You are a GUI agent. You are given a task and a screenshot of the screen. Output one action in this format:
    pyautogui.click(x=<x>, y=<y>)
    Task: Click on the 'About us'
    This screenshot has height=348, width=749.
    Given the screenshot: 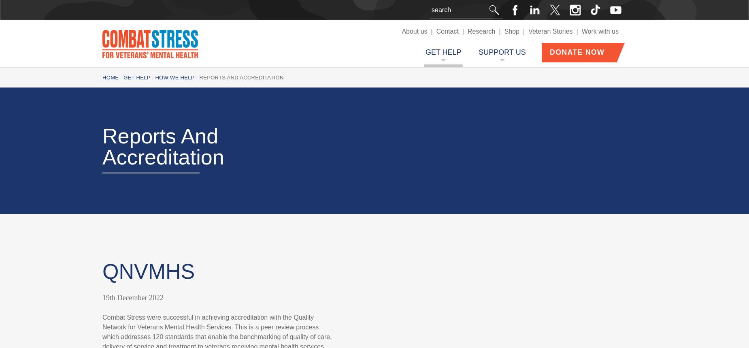 What is the action you would take?
    pyautogui.click(x=401, y=31)
    